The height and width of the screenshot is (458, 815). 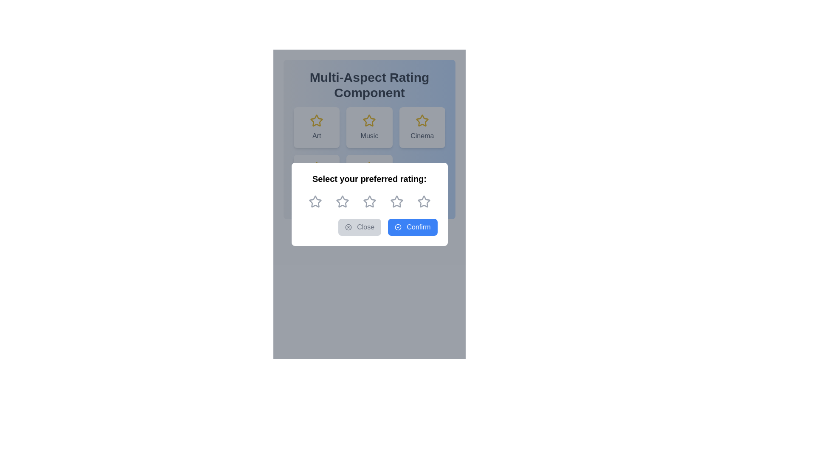 What do you see at coordinates (342, 201) in the screenshot?
I see `the third star in the star rating icon which allows users to select it to rate the item with three stars` at bounding box center [342, 201].